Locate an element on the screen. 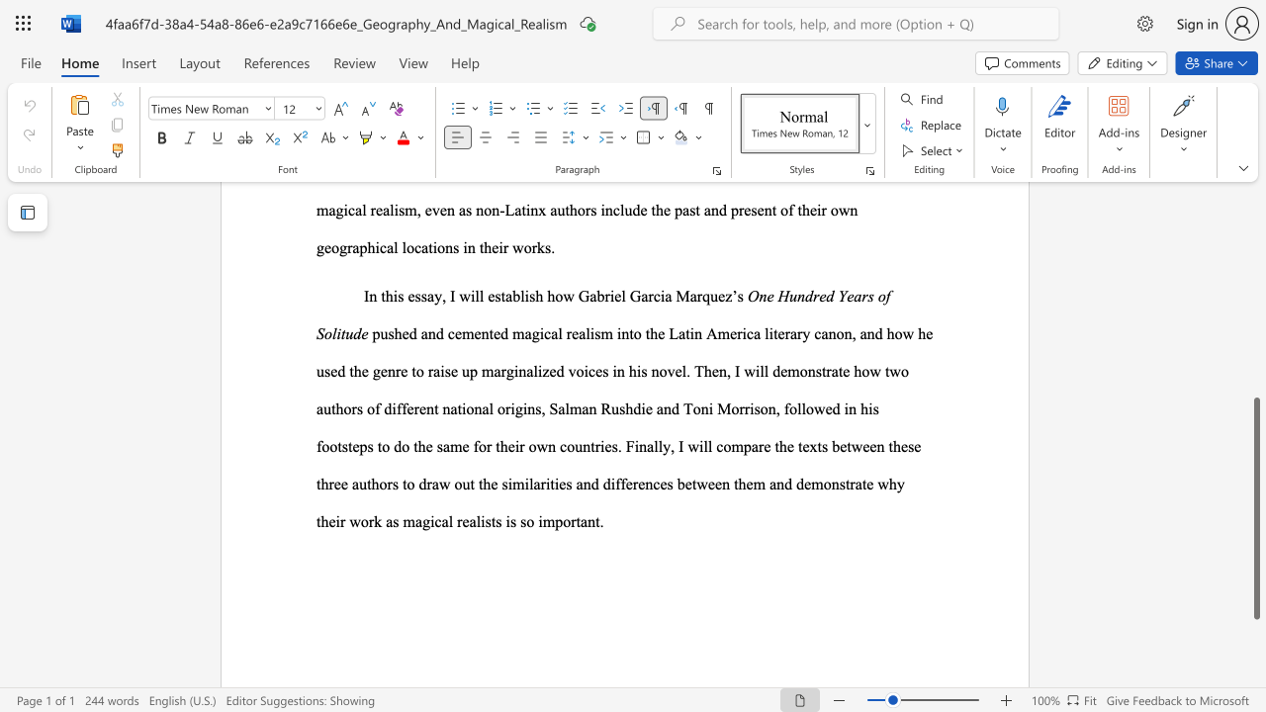 This screenshot has height=712, width=1266. the scrollbar and move down 110 pixels is located at coordinates (1255, 507).